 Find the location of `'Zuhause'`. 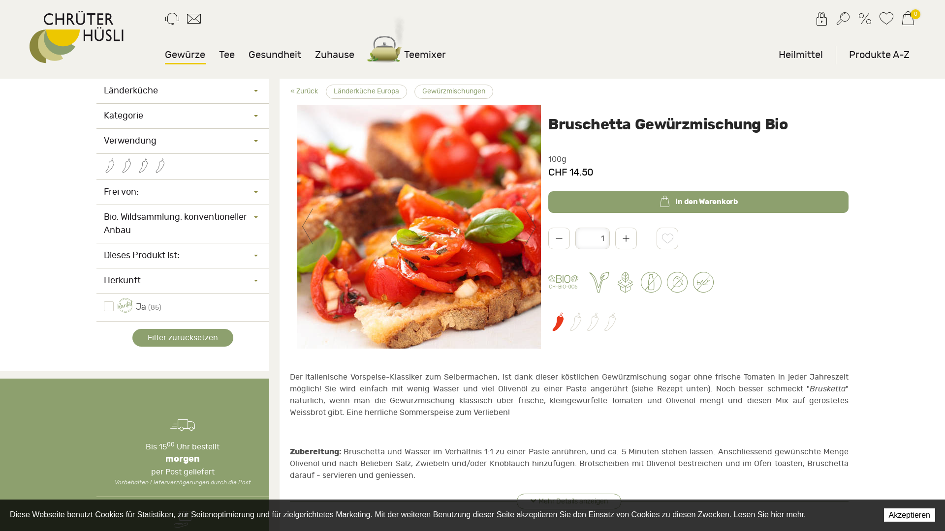

'Zuhause' is located at coordinates (335, 55).